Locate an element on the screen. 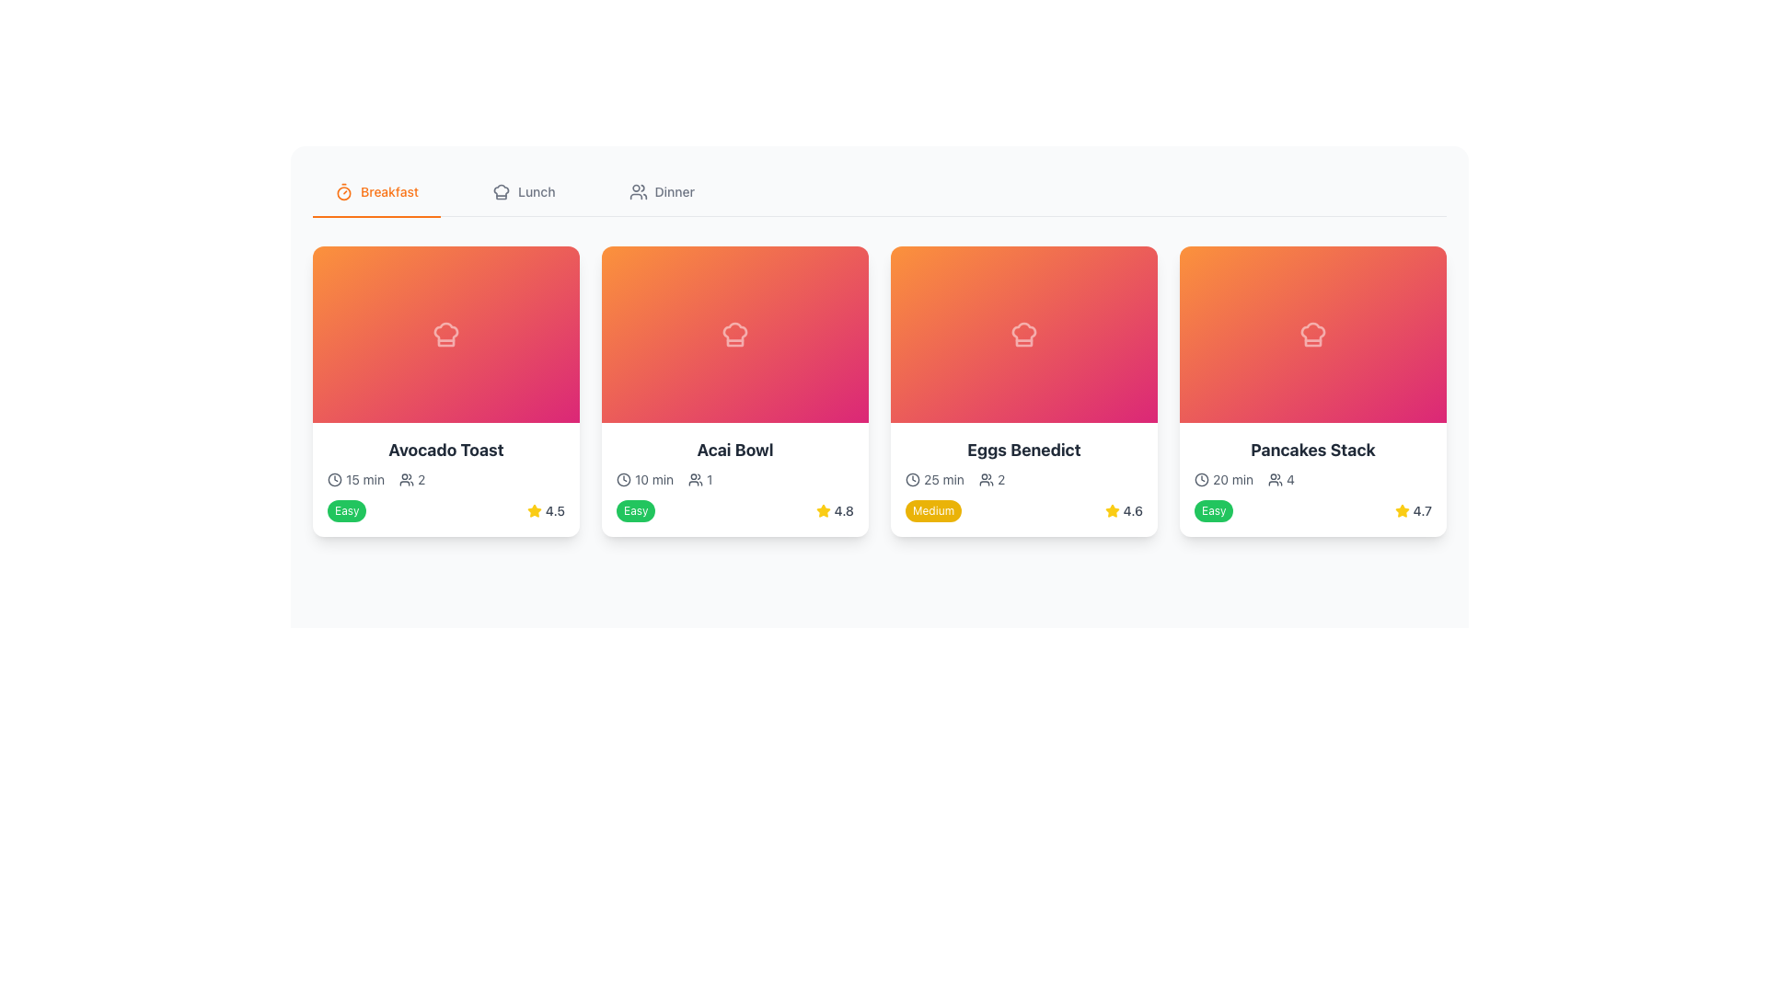 The height and width of the screenshot is (993, 1767). the Decorative card header of the 'Acai Bowl' card located in the second column of the grid layout, which serves as an interactive area for more details is located at coordinates (733, 334).